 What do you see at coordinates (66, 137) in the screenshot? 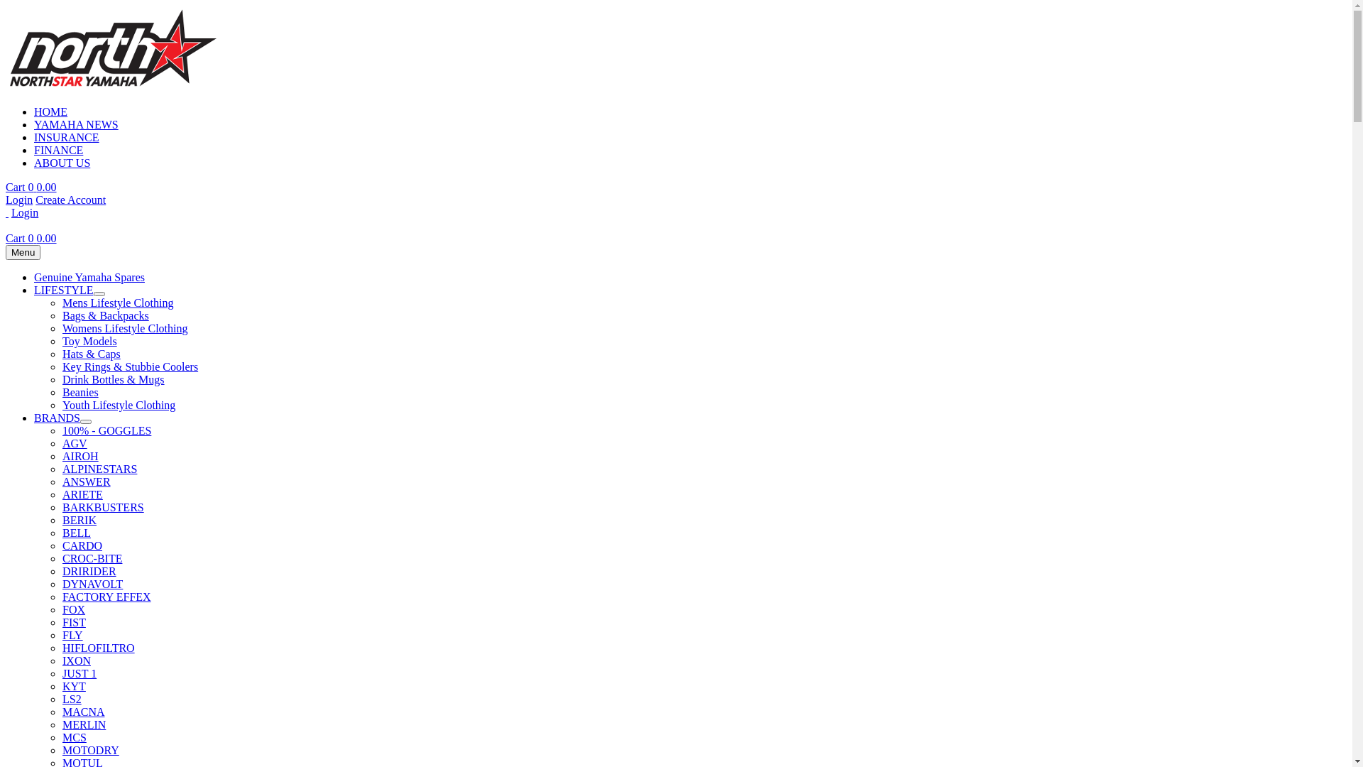
I see `'INSURANCE'` at bounding box center [66, 137].